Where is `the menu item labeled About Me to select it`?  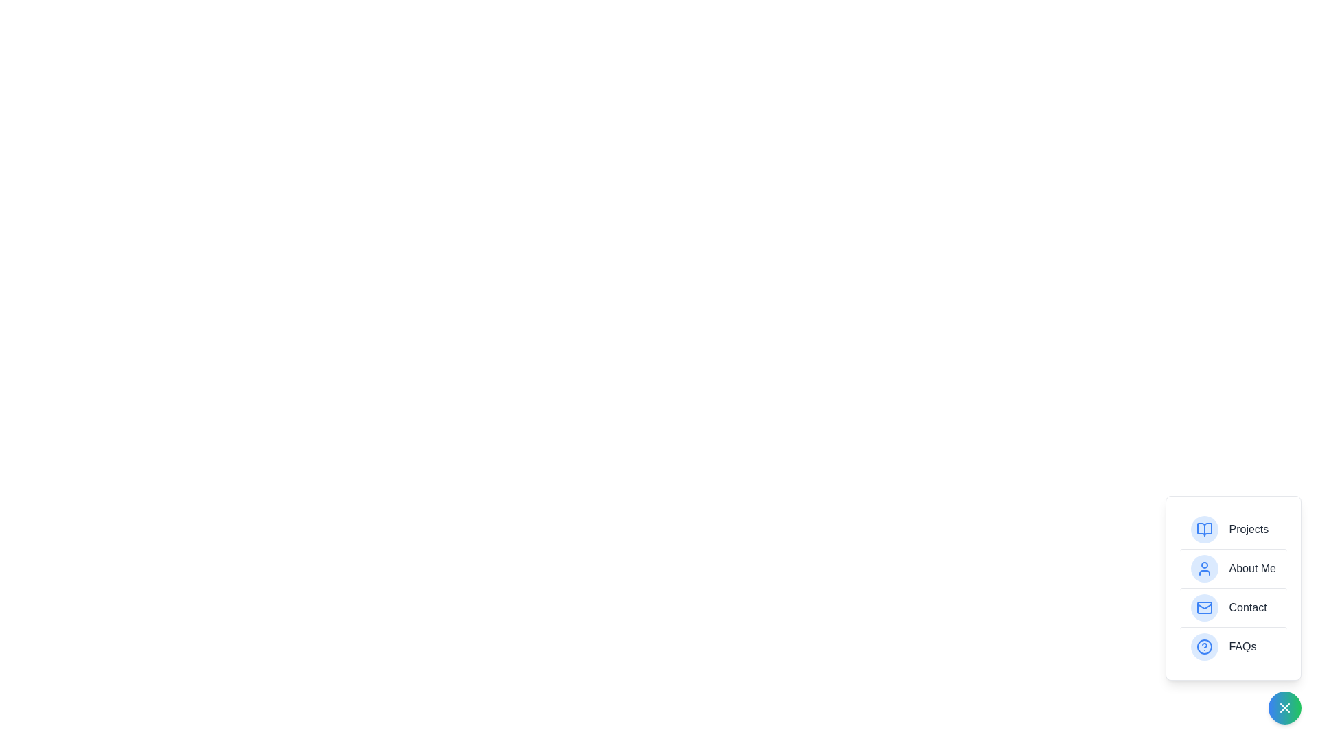 the menu item labeled About Me to select it is located at coordinates (1233, 568).